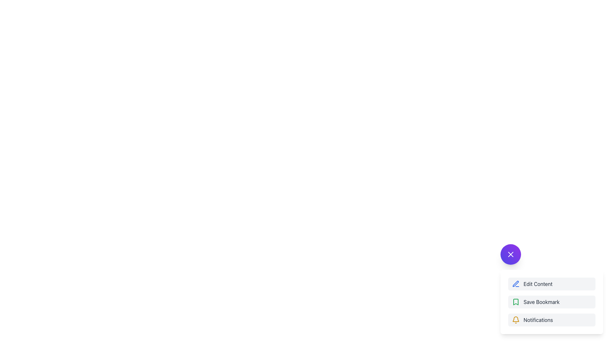  Describe the element at coordinates (516, 302) in the screenshot. I see `the green bookmark icon located in the 'Save Bookmark' button, which is the second option in the vertical dropdown list from the circular purple button with an 'X'` at that location.